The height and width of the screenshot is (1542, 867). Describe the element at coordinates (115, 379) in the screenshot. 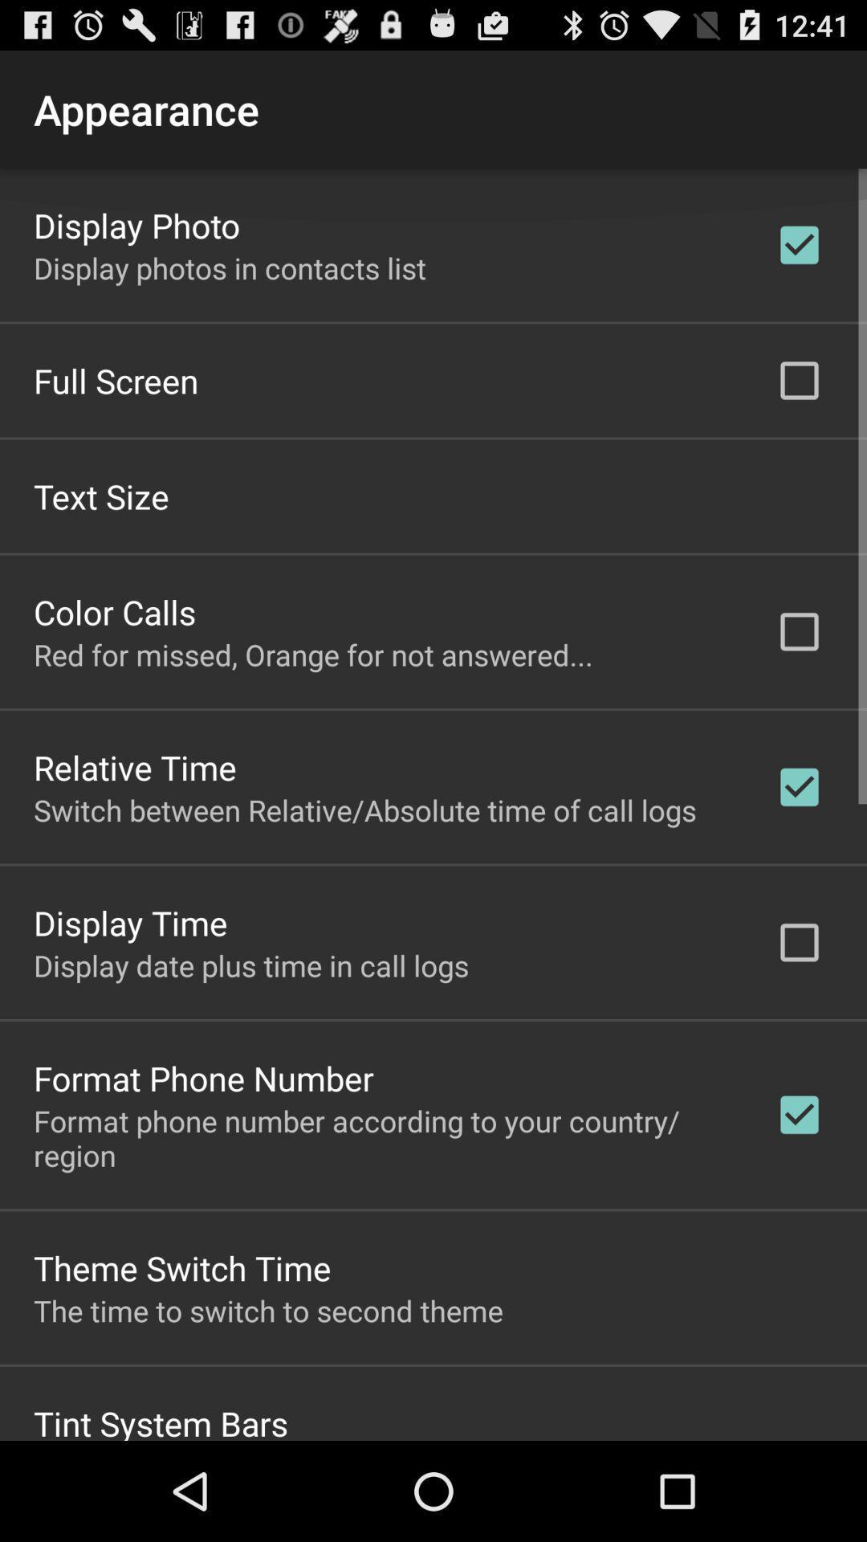

I see `full screen app` at that location.